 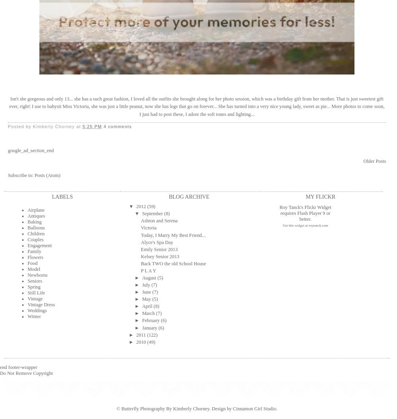 I want to click on 'January', so click(x=149, y=327).